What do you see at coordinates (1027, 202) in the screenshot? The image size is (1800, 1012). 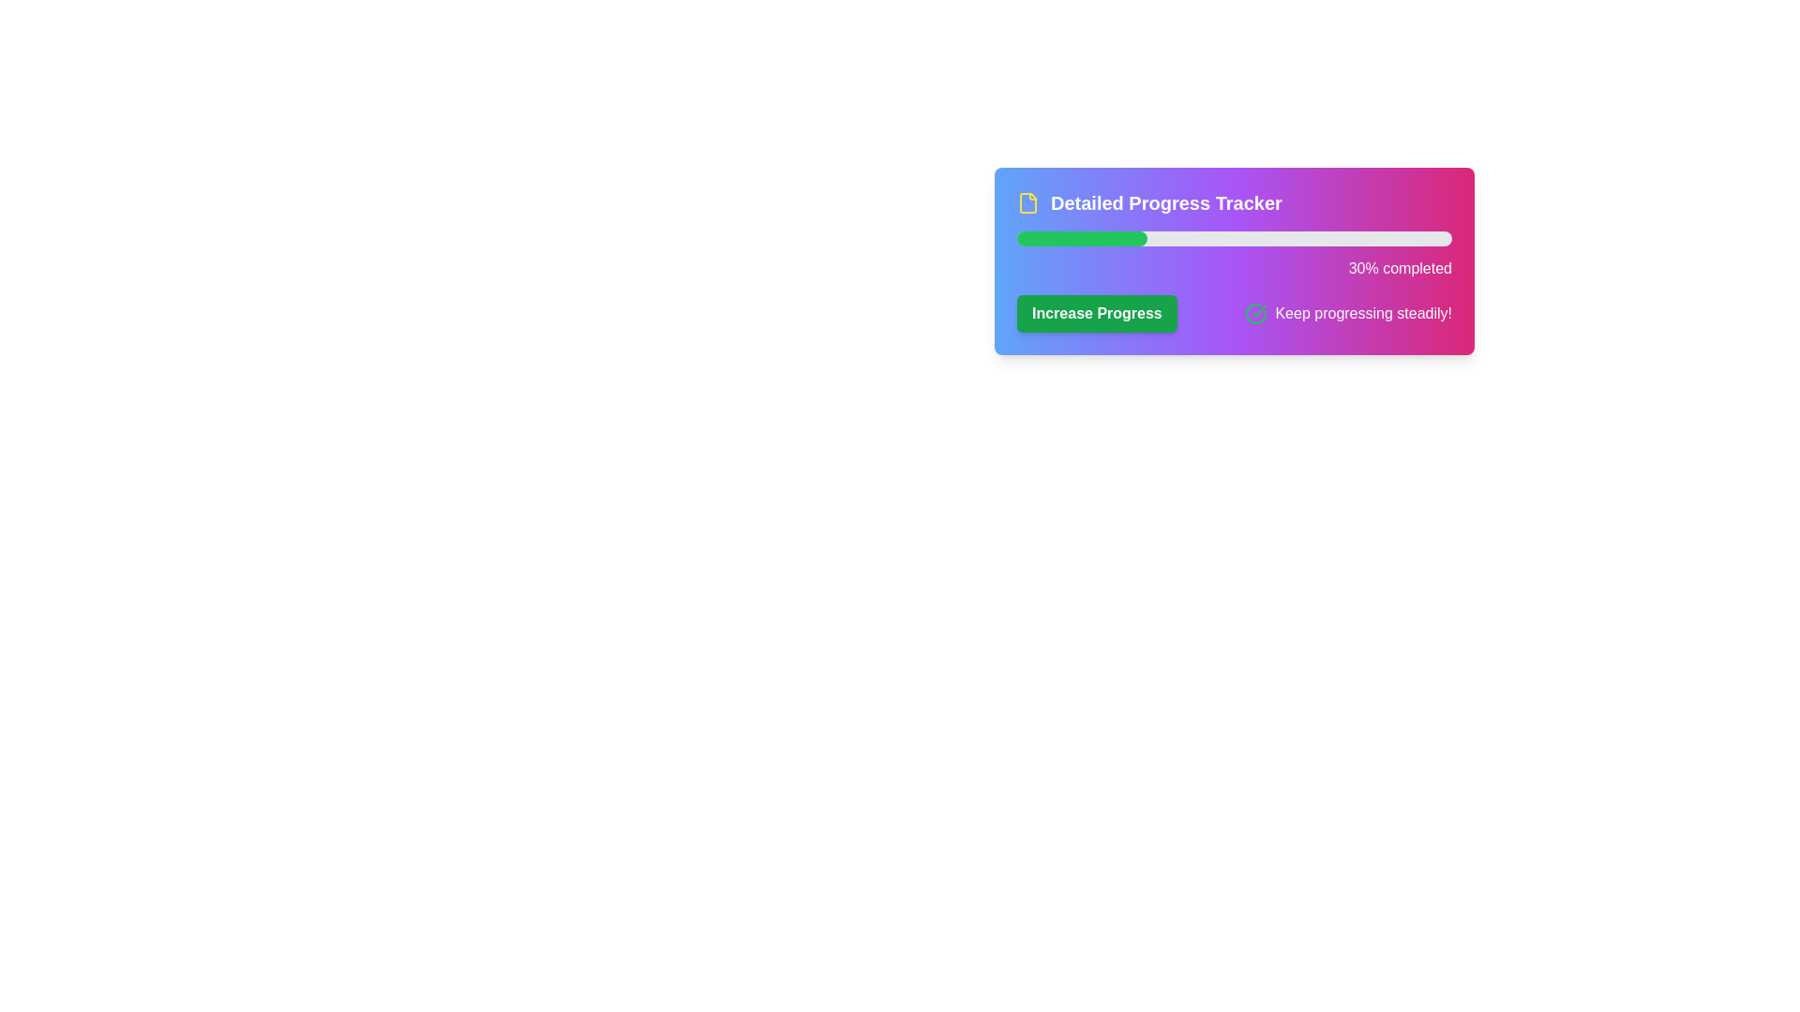 I see `the icon located to the left of the title text 'Detailed Progress Tracker' in the card section of the interface` at bounding box center [1027, 202].